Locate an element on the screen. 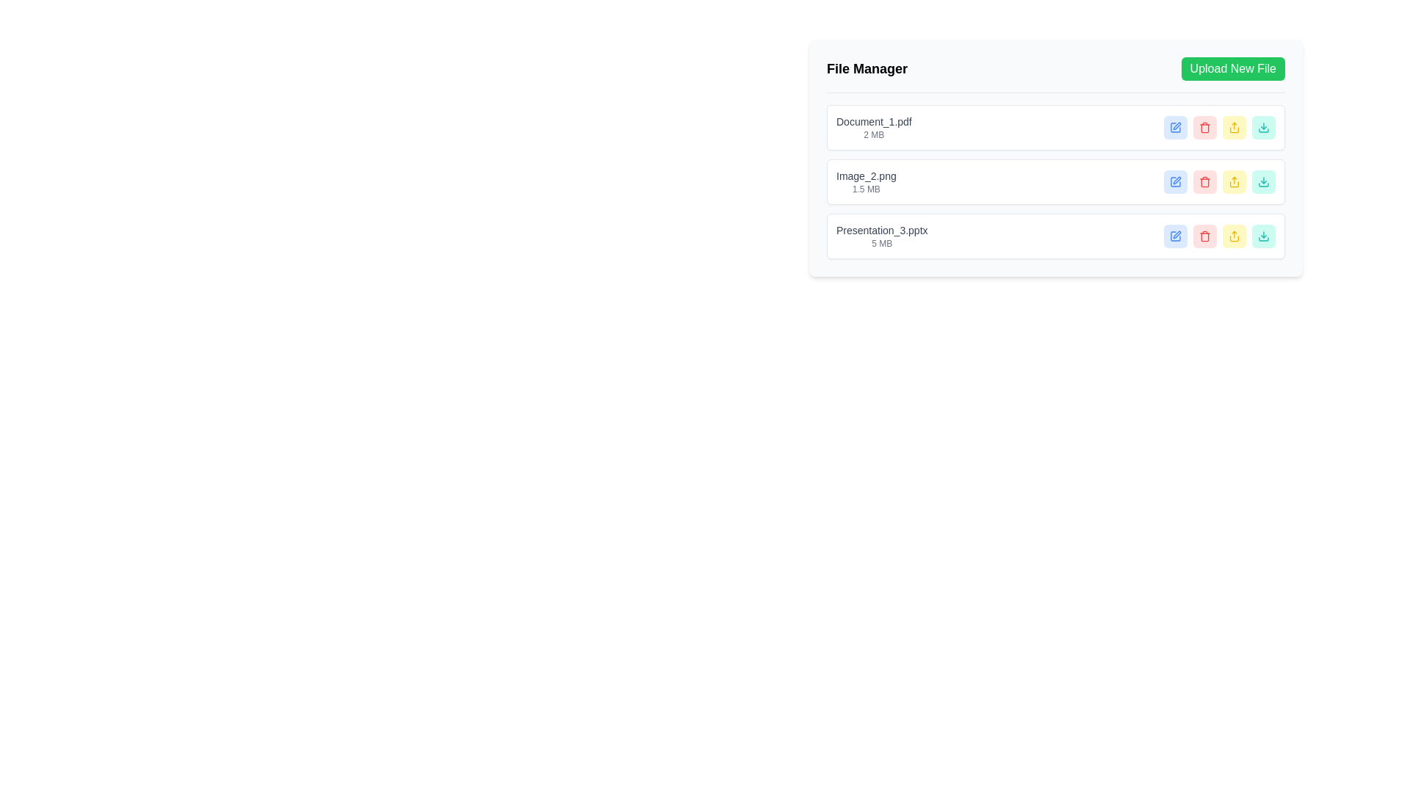 This screenshot has height=793, width=1410. the red trash-bin-shaped icon button located in the second column of action buttons from the right, which is the third button in the horizontal group of four, to initiate a delete action is located at coordinates (1205, 181).